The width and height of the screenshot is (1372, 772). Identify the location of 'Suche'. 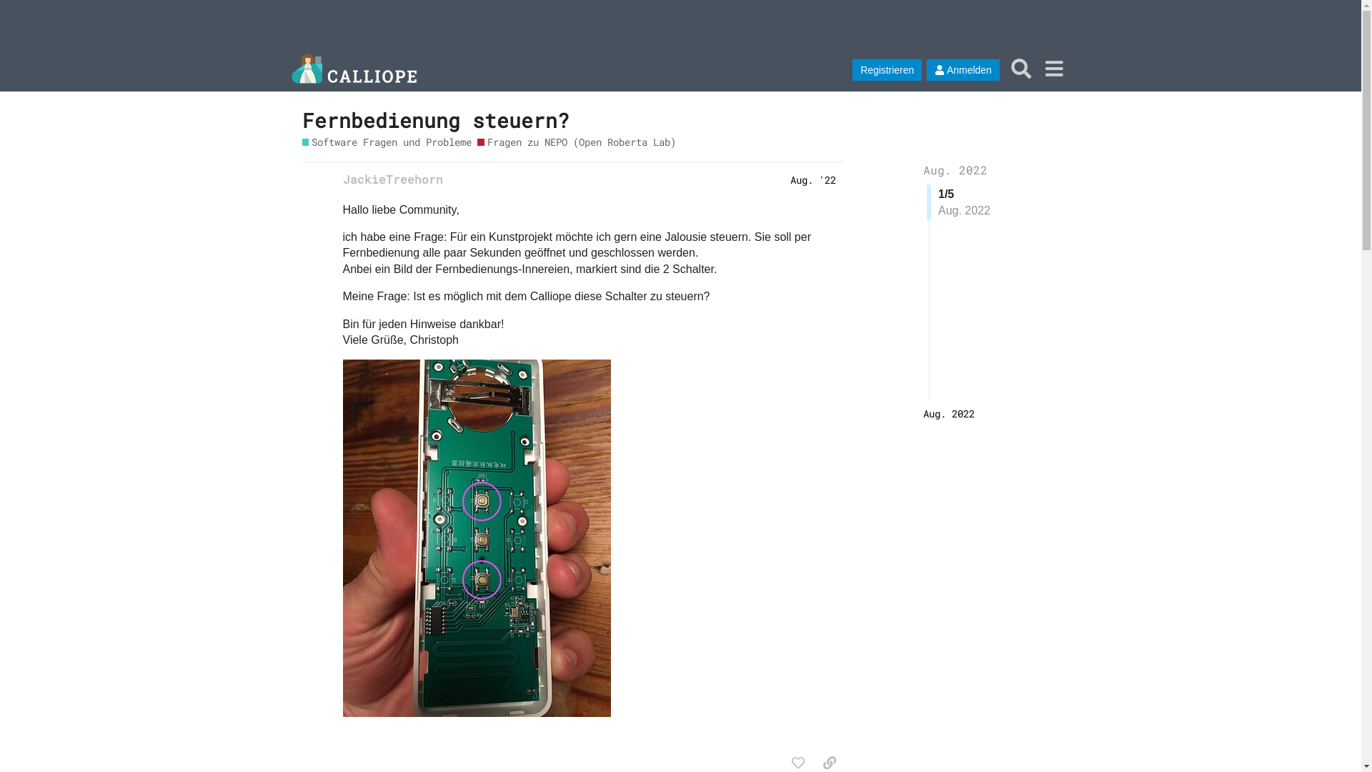
(1004, 68).